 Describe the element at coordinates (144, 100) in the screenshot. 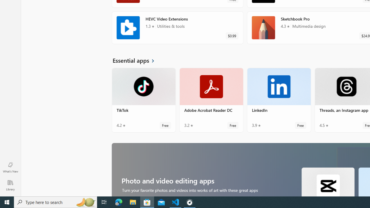

I see `'TikTok. Average rating of 4.2 out of five stars. Free  '` at that location.